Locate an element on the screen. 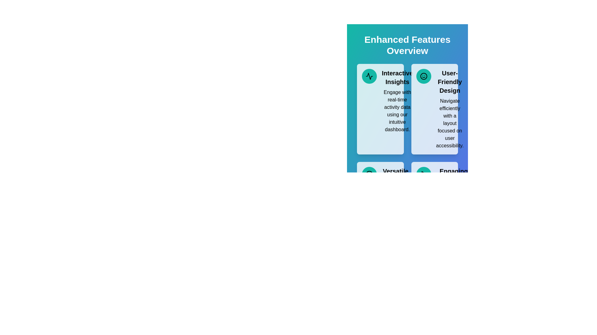  title of the text label that reads 'Interactive Insights', prominently displayed at the top of the light blue card in the first card of the grid layout is located at coordinates (397, 77).